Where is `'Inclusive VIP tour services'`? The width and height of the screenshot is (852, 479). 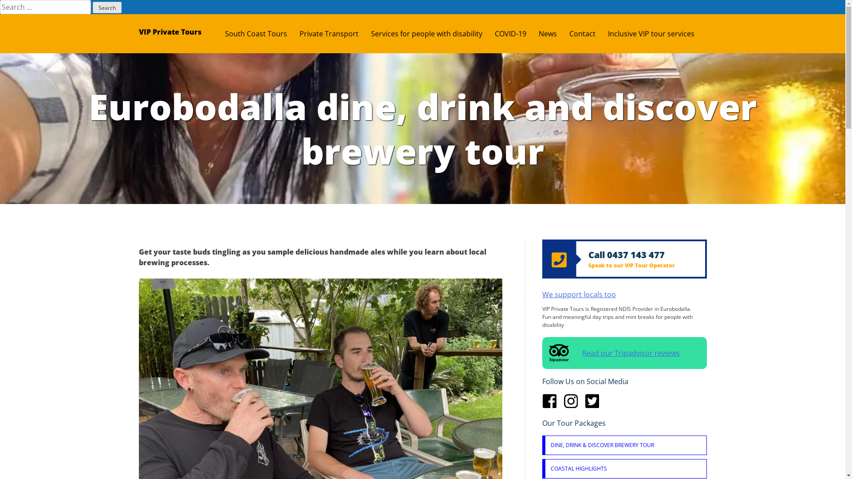
'Inclusive VIP tour services' is located at coordinates (657, 33).